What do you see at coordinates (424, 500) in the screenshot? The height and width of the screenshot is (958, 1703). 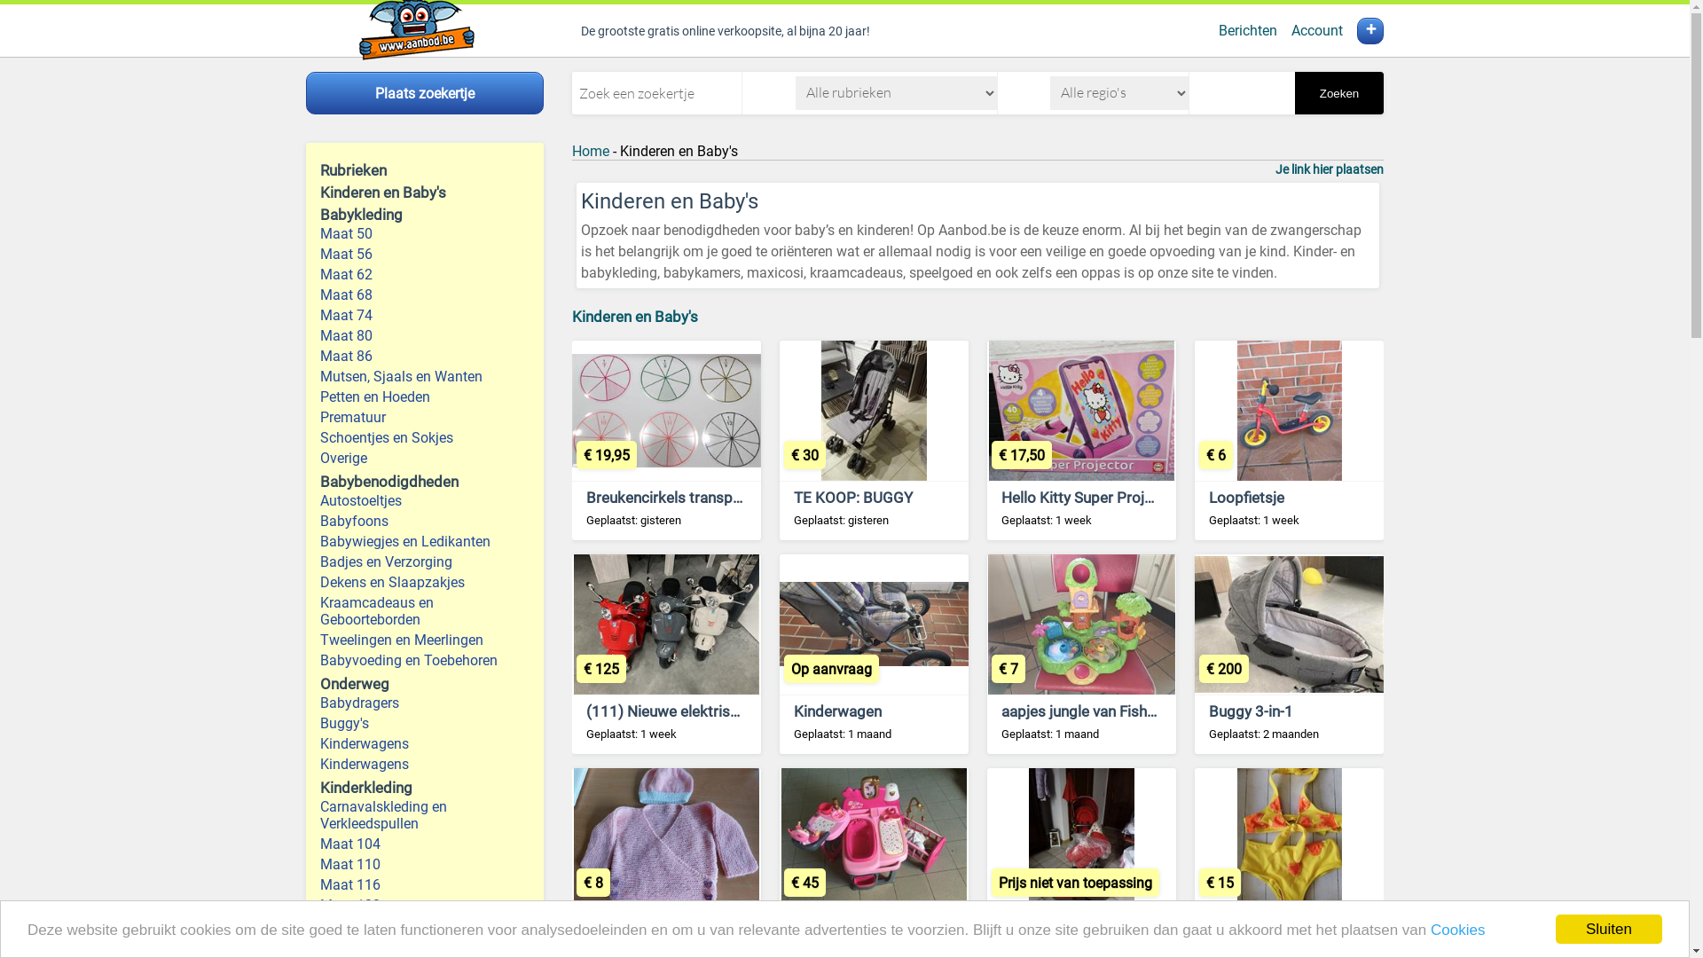 I see `'Autostoeltjes'` at bounding box center [424, 500].